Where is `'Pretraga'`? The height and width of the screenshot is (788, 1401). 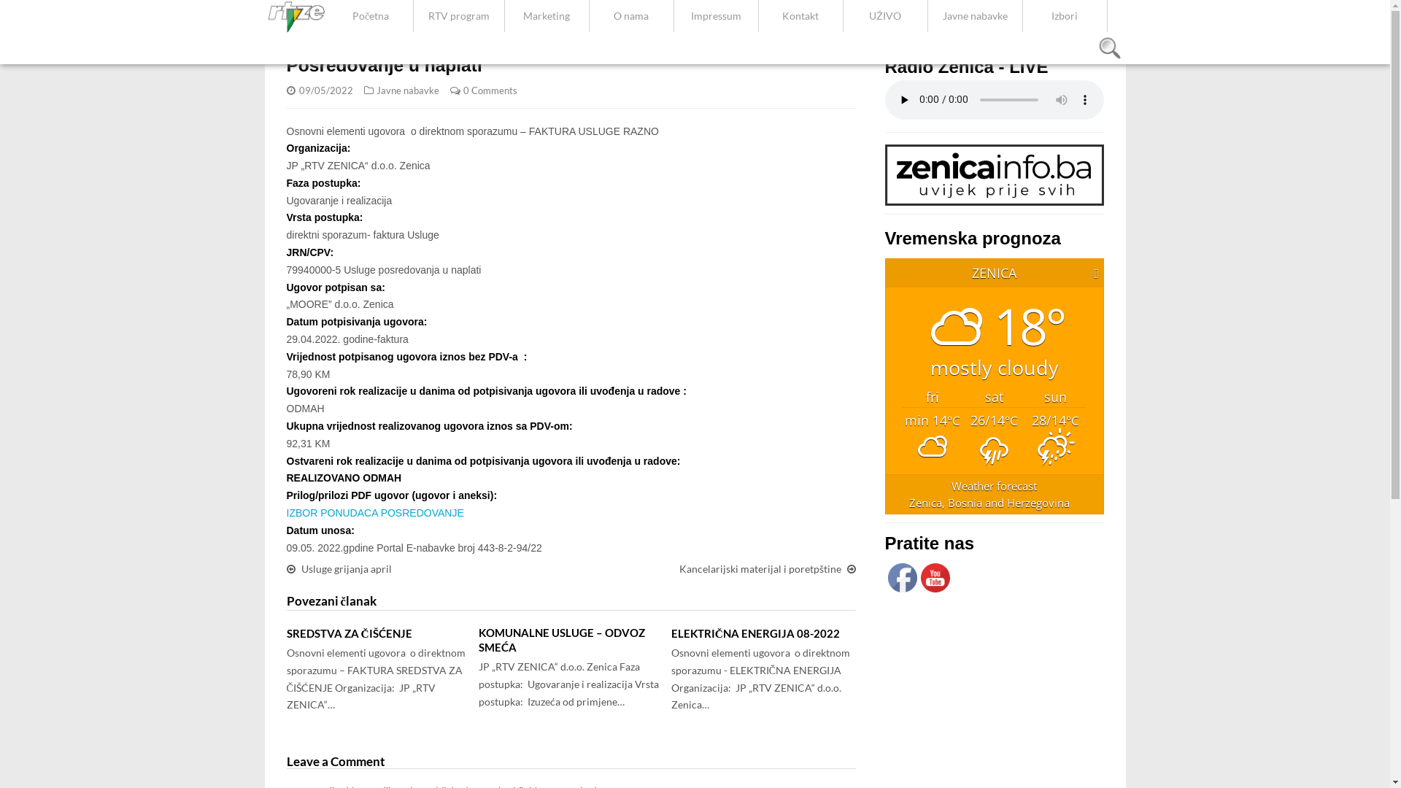 'Pretraga' is located at coordinates (1109, 47).